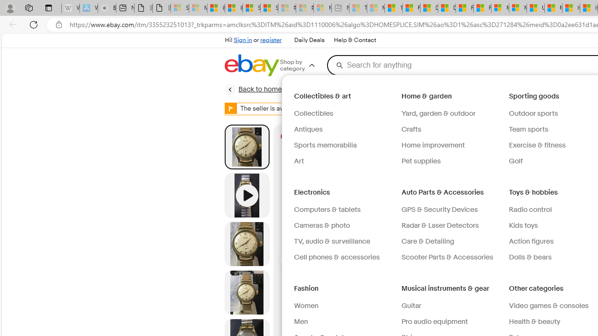  I want to click on 'Home improvement', so click(451, 146).